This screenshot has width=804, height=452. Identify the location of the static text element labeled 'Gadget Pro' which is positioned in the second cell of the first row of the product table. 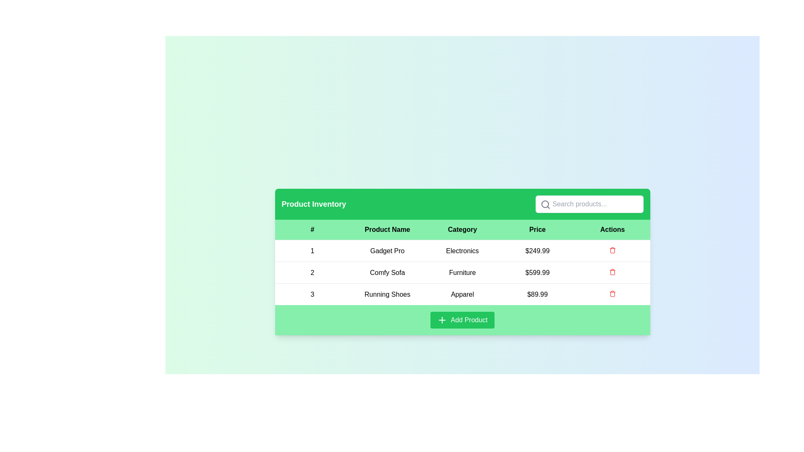
(387, 250).